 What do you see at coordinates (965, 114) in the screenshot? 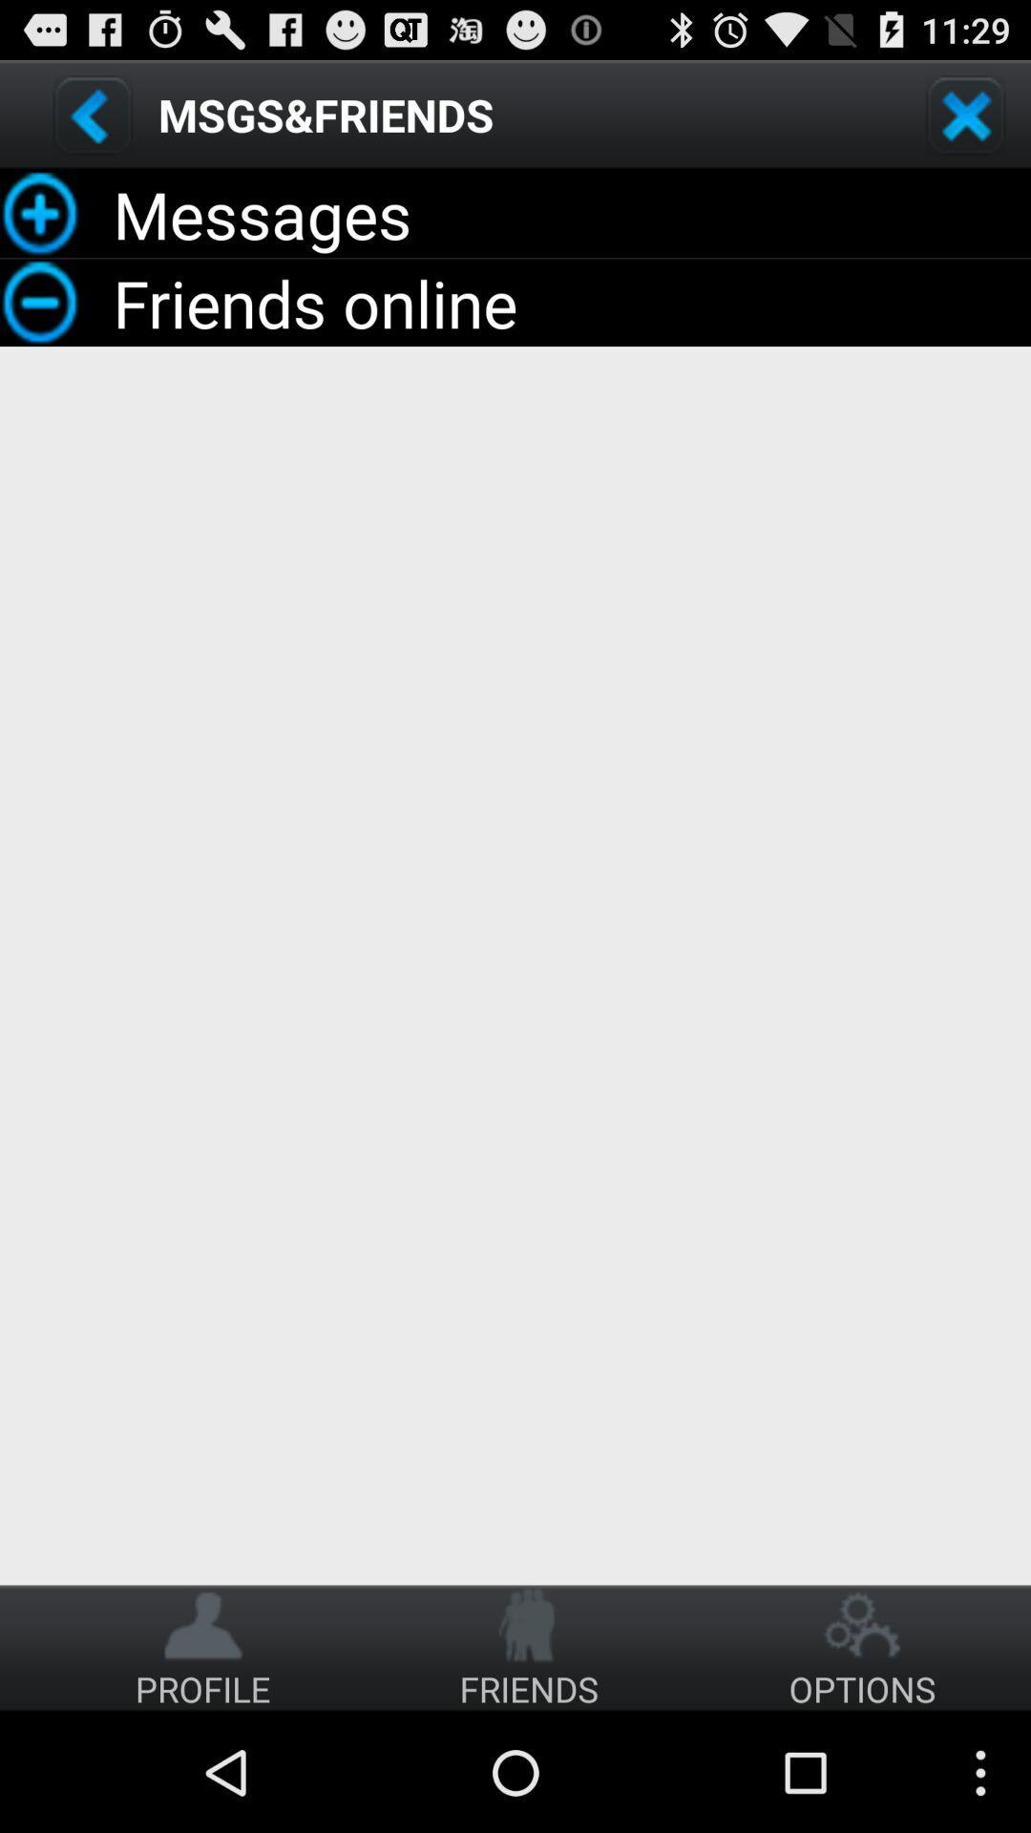
I see `button` at bounding box center [965, 114].